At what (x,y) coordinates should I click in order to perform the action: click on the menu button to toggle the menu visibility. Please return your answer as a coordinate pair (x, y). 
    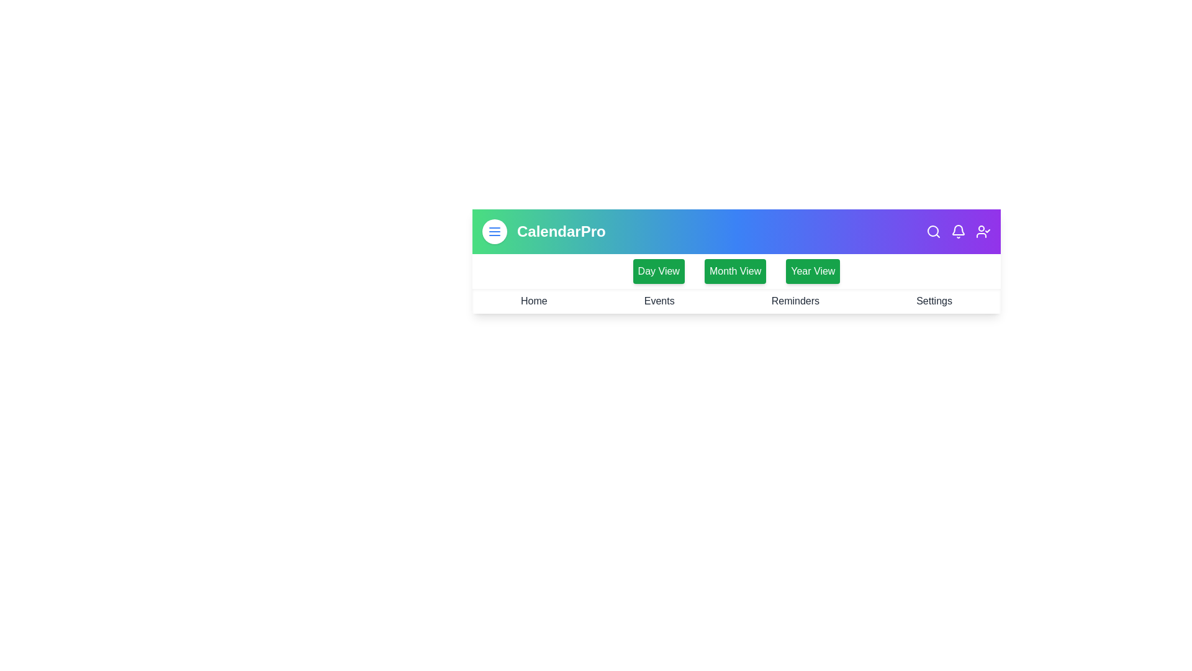
    Looking at the image, I should click on (494, 232).